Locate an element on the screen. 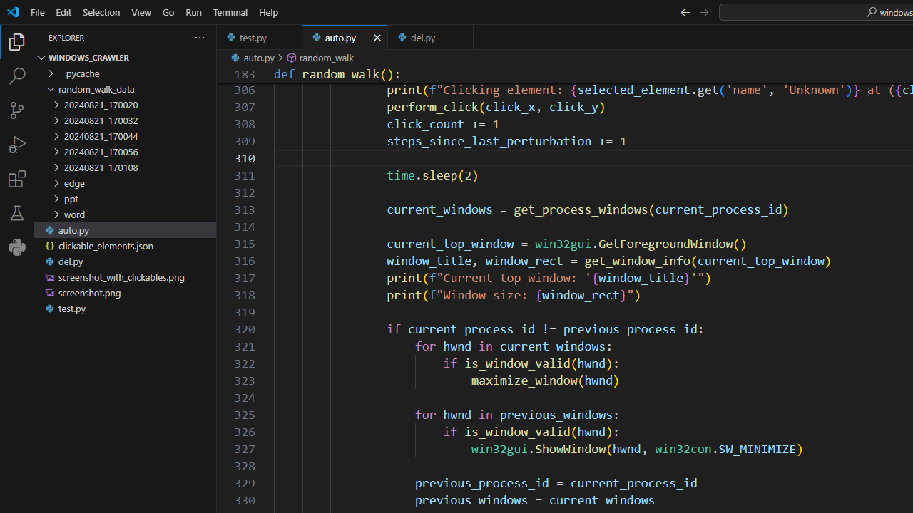  'del.py' is located at coordinates (430, 36).